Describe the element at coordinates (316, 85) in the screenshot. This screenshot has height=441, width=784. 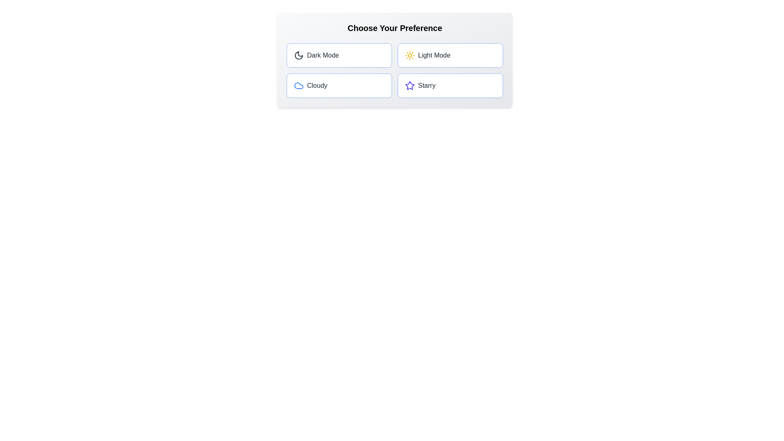
I see `the text label displaying 'Cloudy' in gray color, located next to the cloud icon in the second row of the layout` at that location.